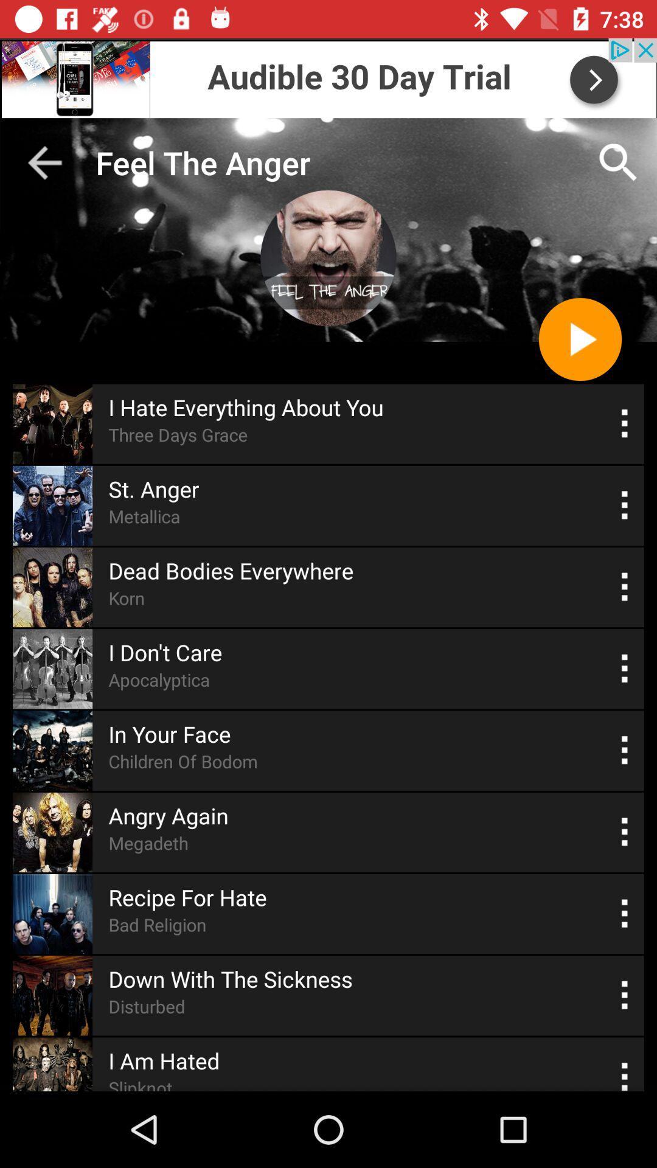 This screenshot has width=657, height=1168. I want to click on show more options for track, so click(625, 668).